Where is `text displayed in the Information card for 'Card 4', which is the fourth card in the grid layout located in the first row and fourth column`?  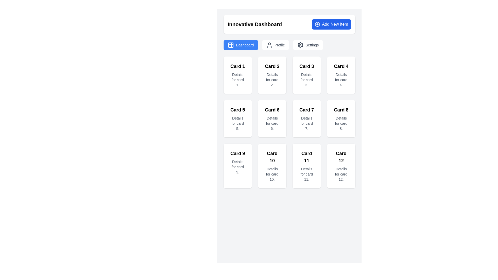 text displayed in the Information card for 'Card 4', which is the fourth card in the grid layout located in the first row and fourth column is located at coordinates (341, 75).